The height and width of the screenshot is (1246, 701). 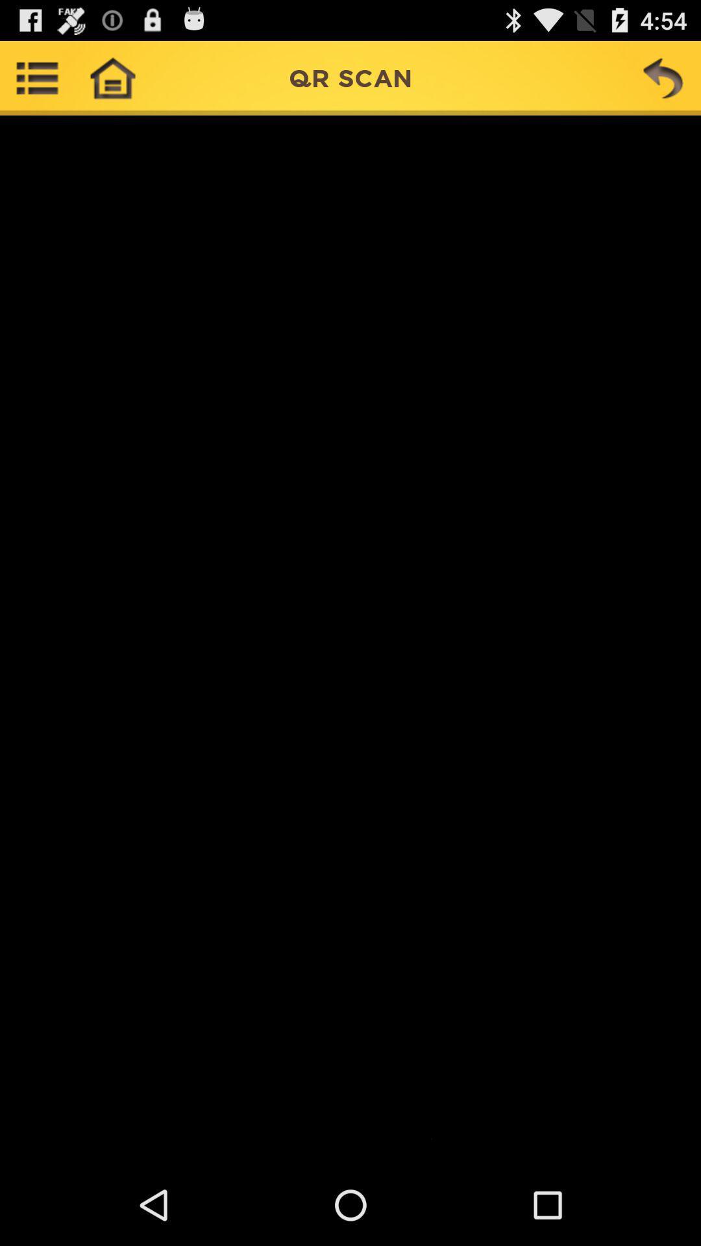 I want to click on the home icon, so click(x=112, y=83).